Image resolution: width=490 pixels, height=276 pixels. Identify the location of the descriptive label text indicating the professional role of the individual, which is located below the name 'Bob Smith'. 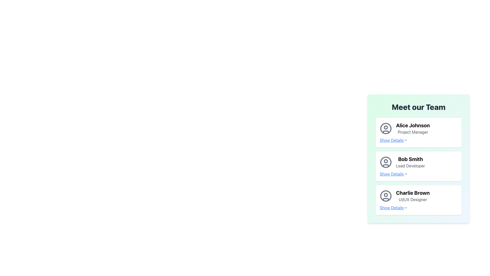
(410, 166).